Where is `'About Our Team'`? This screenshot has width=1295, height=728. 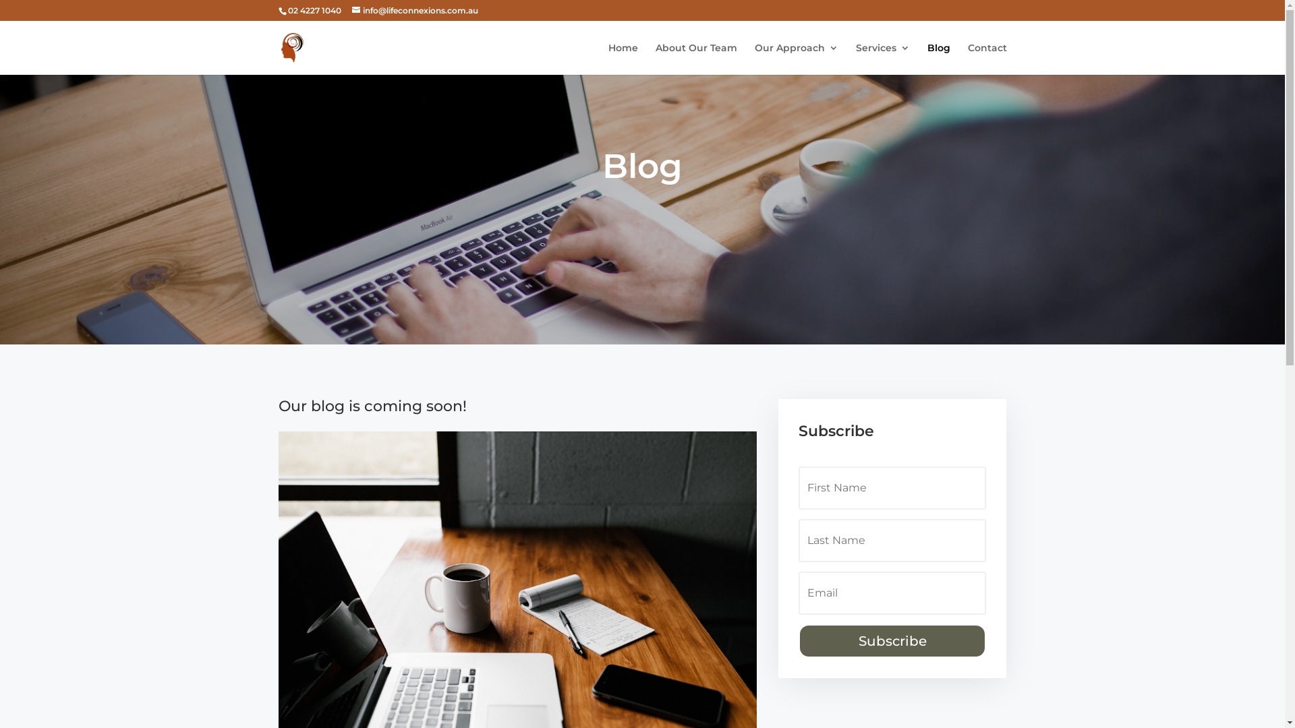
'About Our Team' is located at coordinates (696, 58).